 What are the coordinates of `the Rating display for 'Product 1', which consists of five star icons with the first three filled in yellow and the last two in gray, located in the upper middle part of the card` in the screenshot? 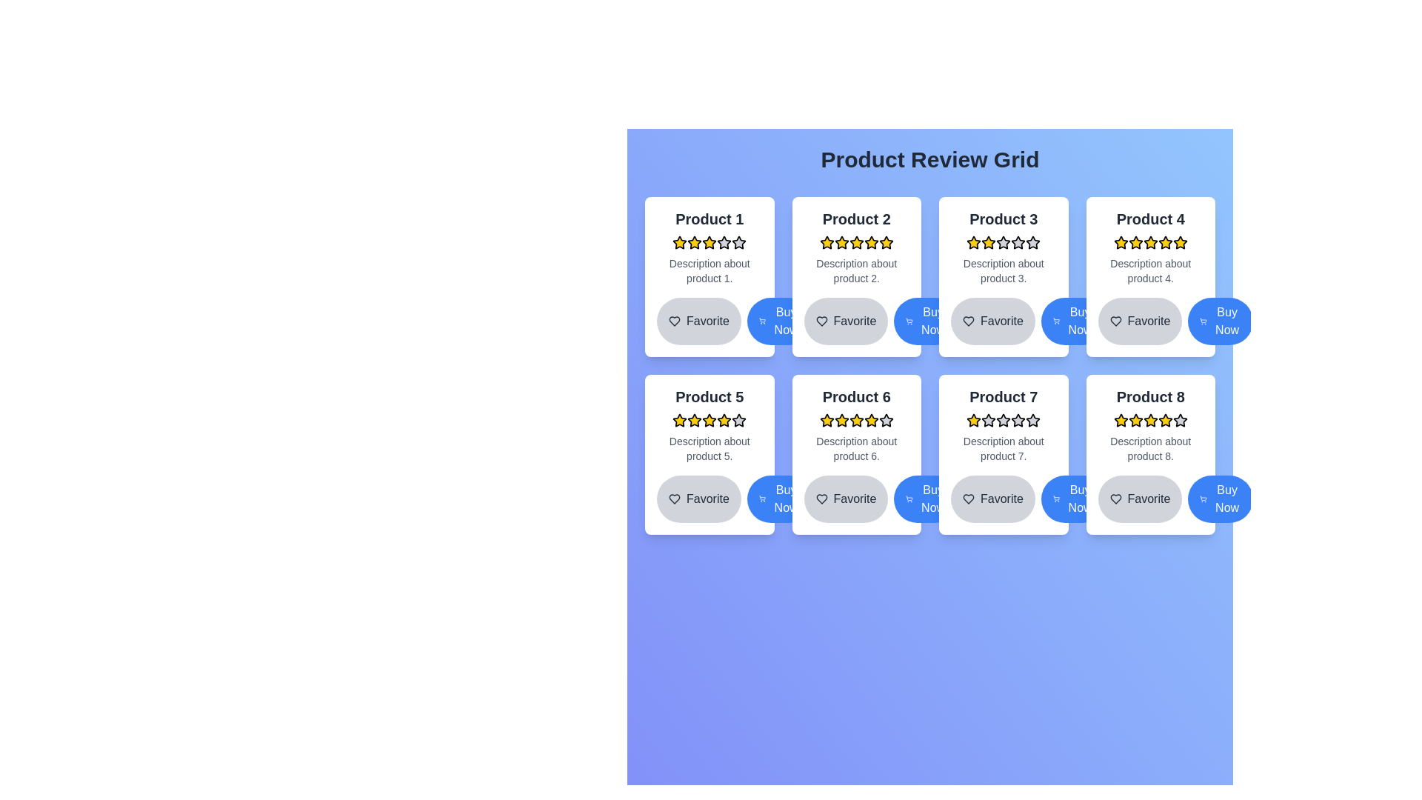 It's located at (709, 241).